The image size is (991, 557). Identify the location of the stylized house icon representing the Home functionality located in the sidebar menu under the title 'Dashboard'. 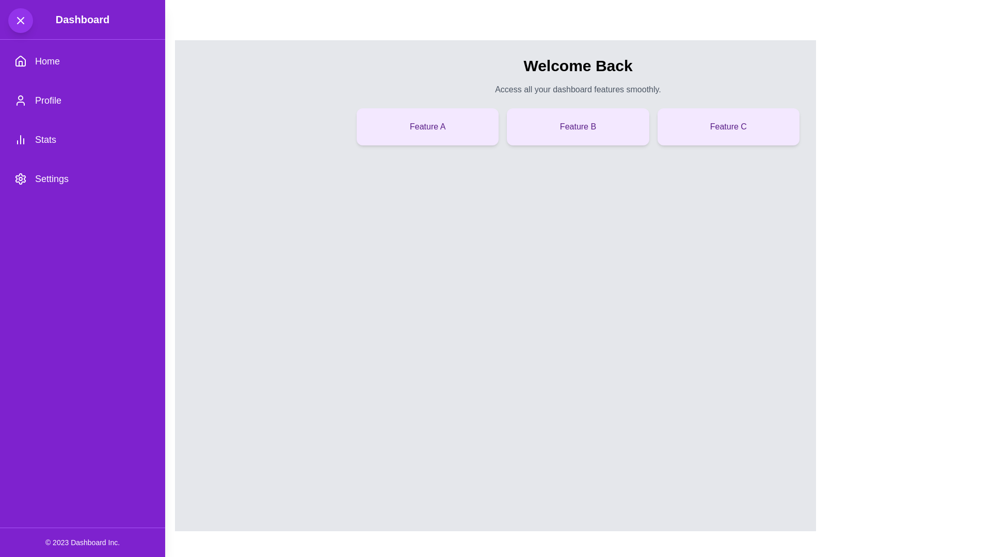
(20, 61).